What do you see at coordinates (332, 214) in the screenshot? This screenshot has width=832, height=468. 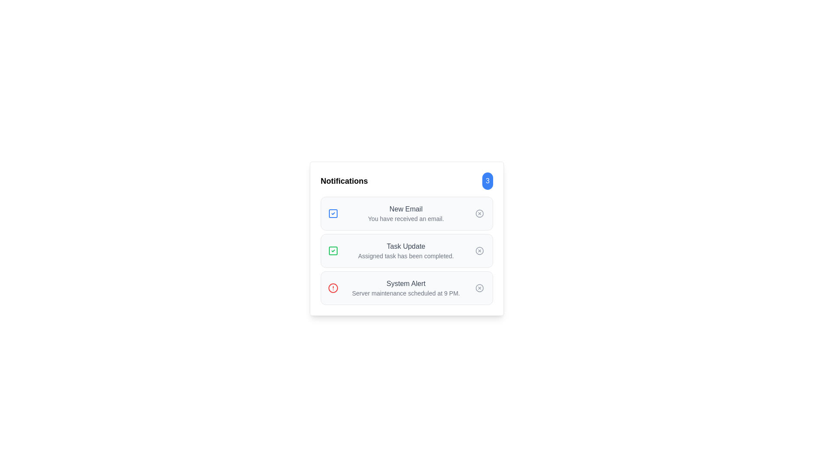 I see `the status indicator icon for the 'New Email' notification, which is located in the upper left portion of the notification item` at bounding box center [332, 214].